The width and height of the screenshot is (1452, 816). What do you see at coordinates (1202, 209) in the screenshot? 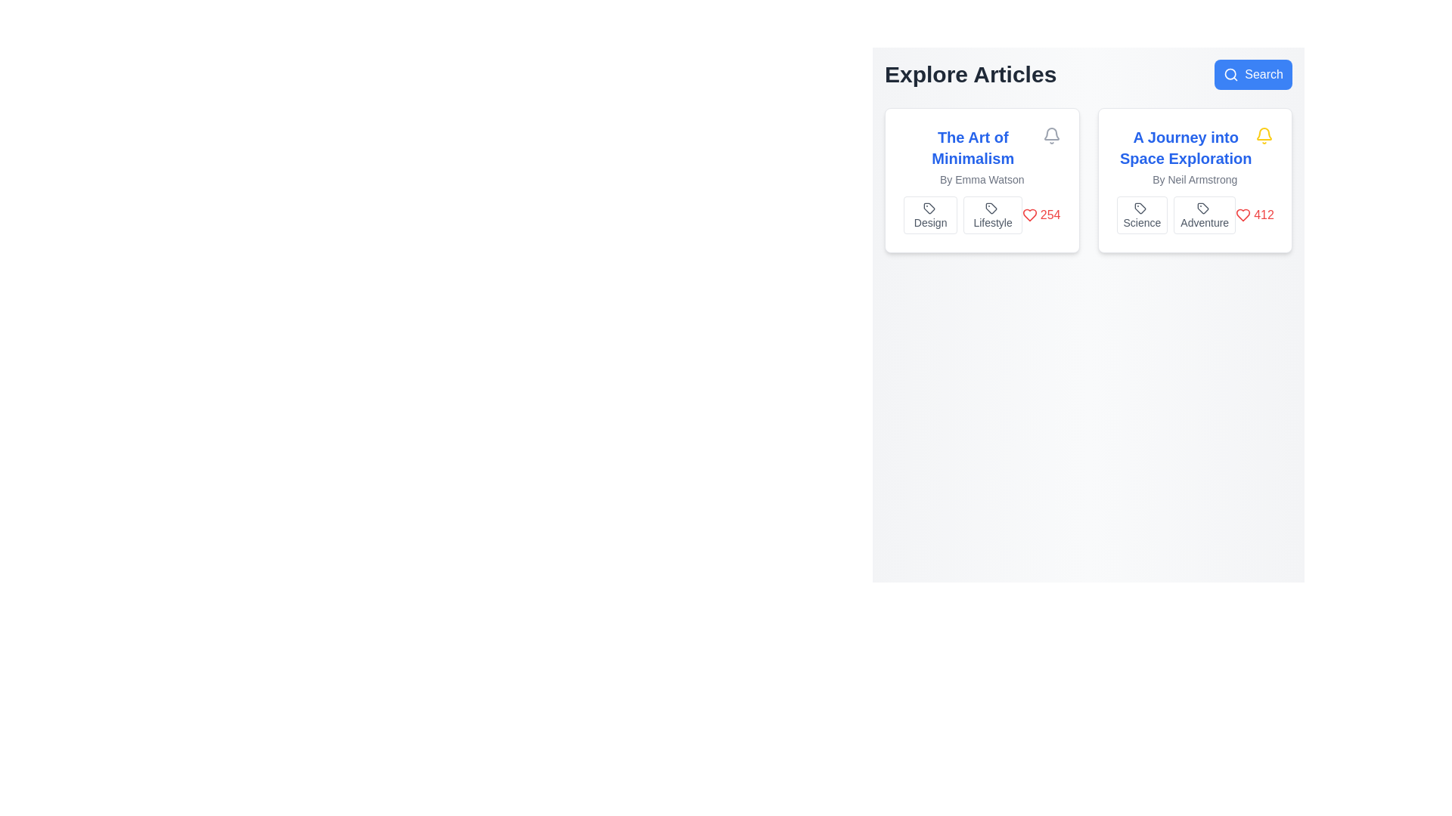
I see `the small graphical icon resembling a tag located to the left of the word 'Adventure' in the 'A Journey into Space Exploration' card module` at bounding box center [1202, 209].